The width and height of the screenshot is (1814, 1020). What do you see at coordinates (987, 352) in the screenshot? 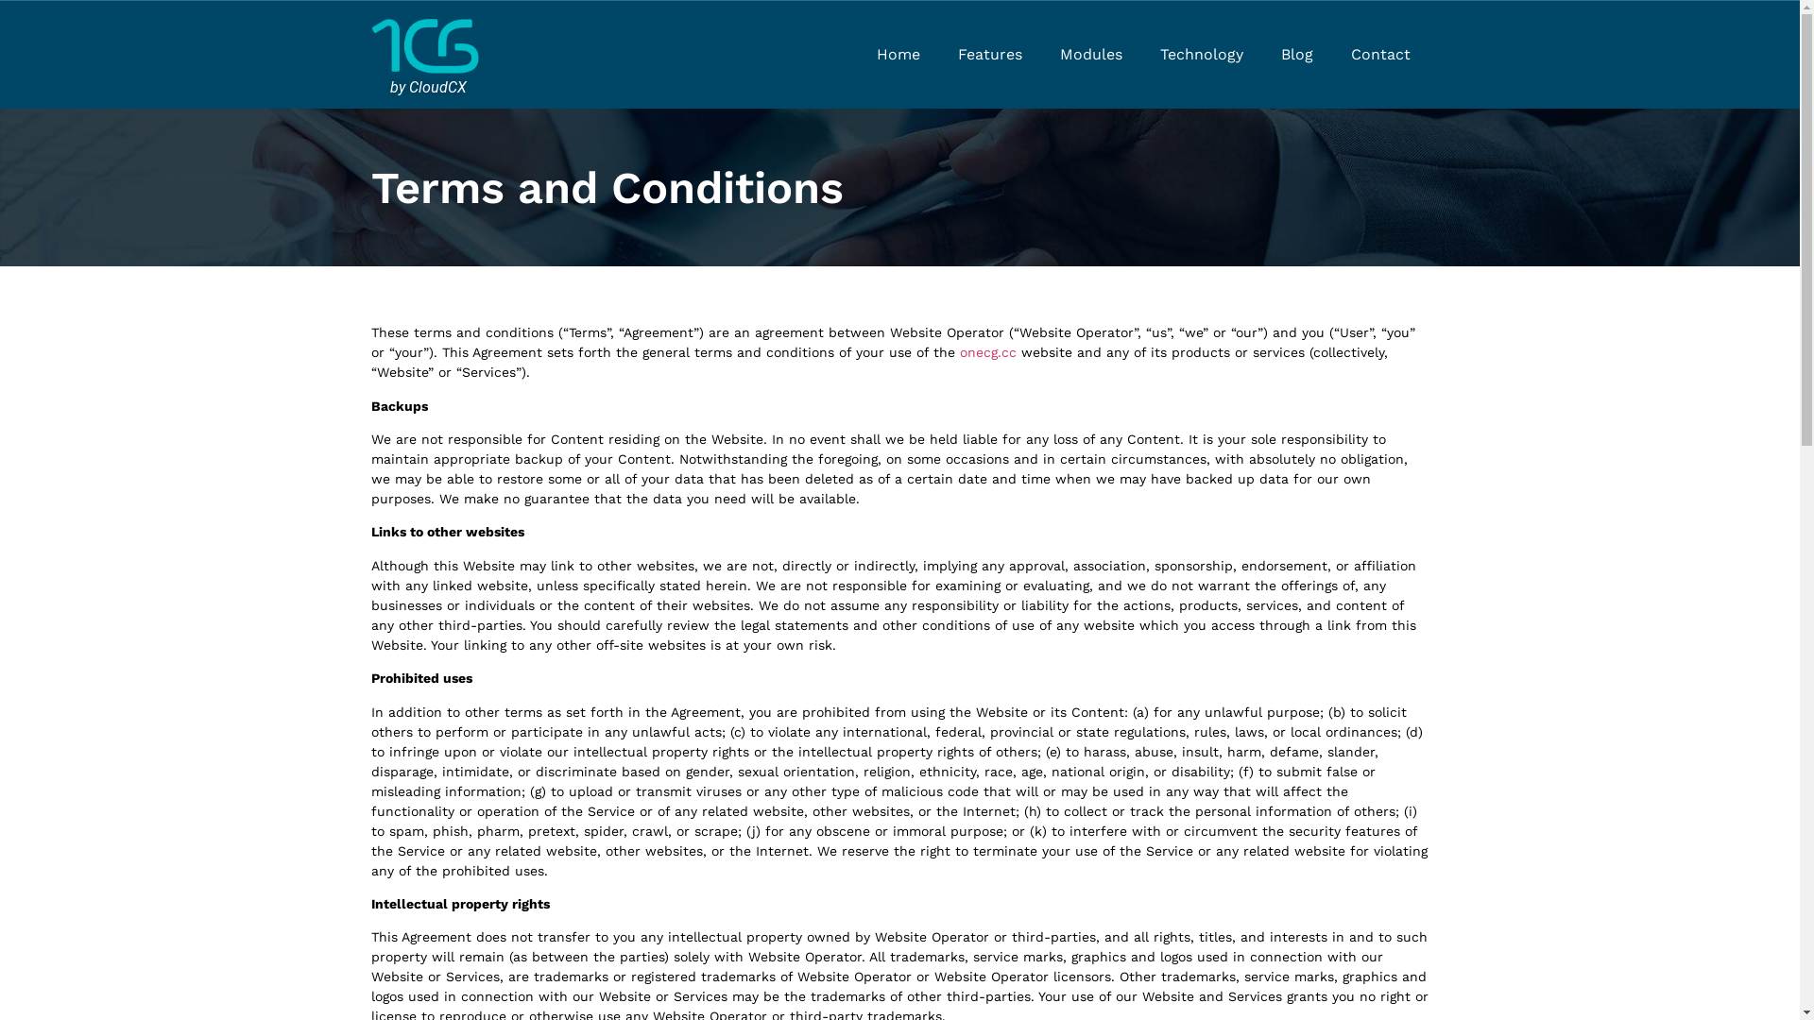
I see `'onecg.cc'` at bounding box center [987, 352].